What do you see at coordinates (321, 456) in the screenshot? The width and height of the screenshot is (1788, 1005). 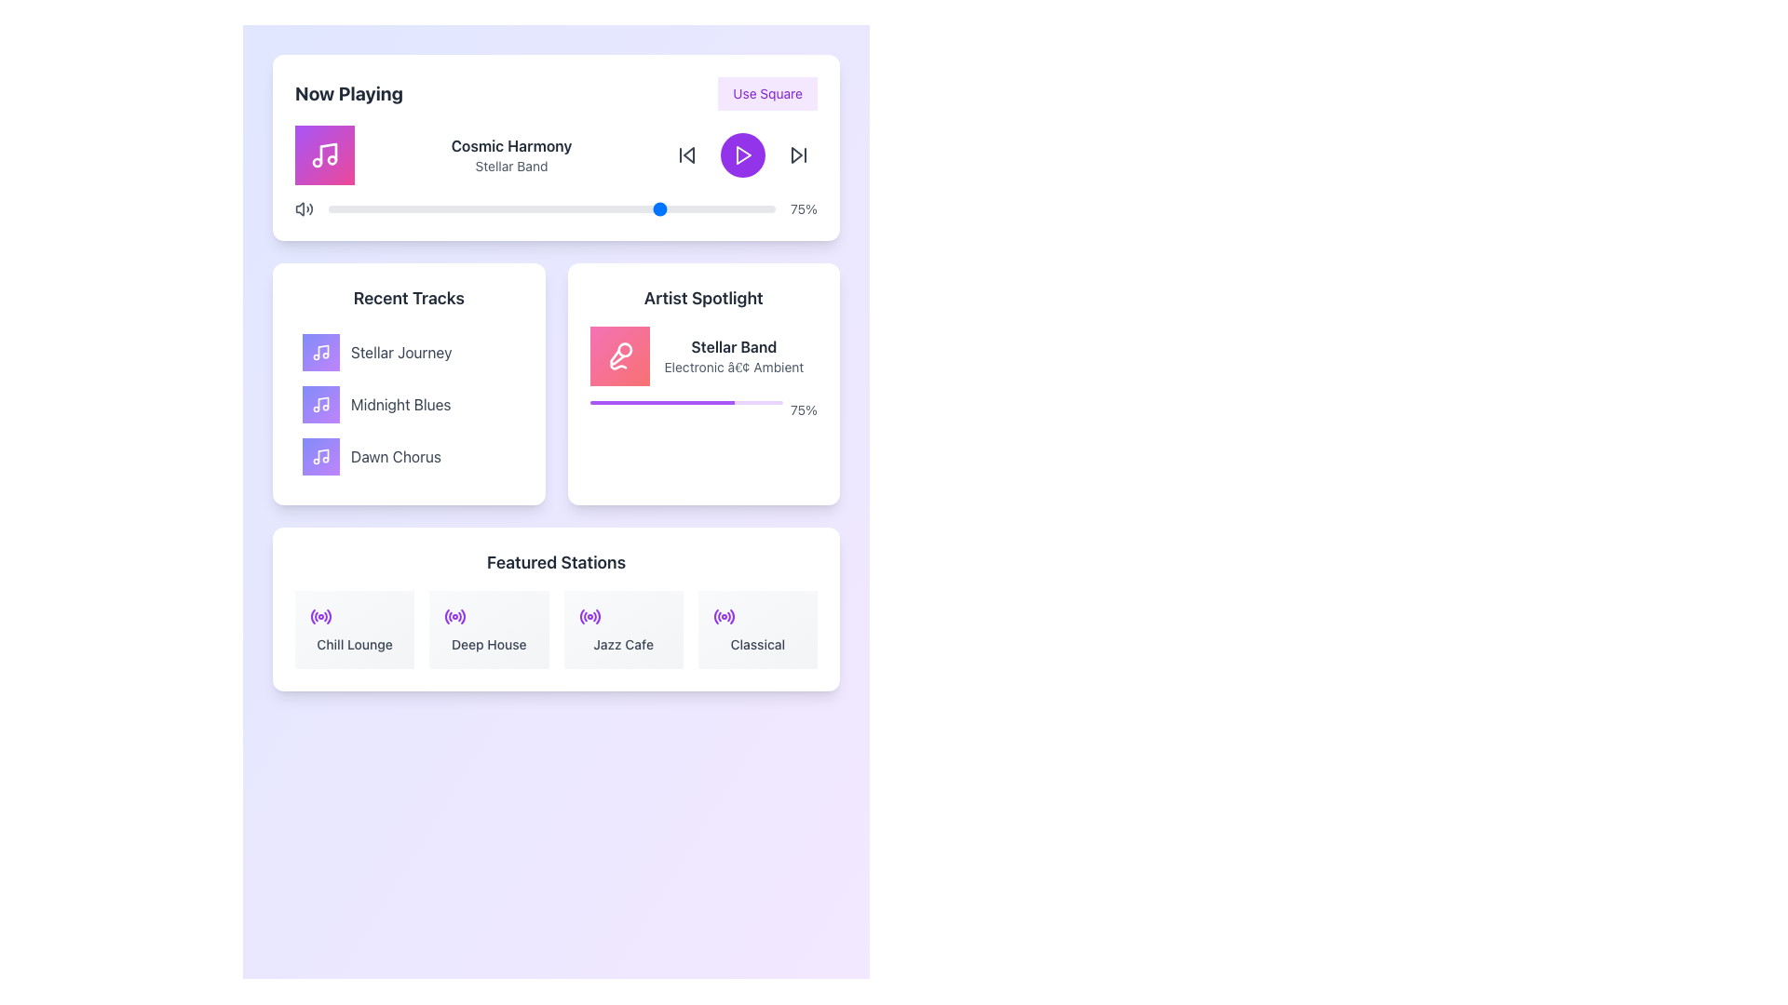 I see `the musical note icon located in the 'Recent Tracks' section` at bounding box center [321, 456].